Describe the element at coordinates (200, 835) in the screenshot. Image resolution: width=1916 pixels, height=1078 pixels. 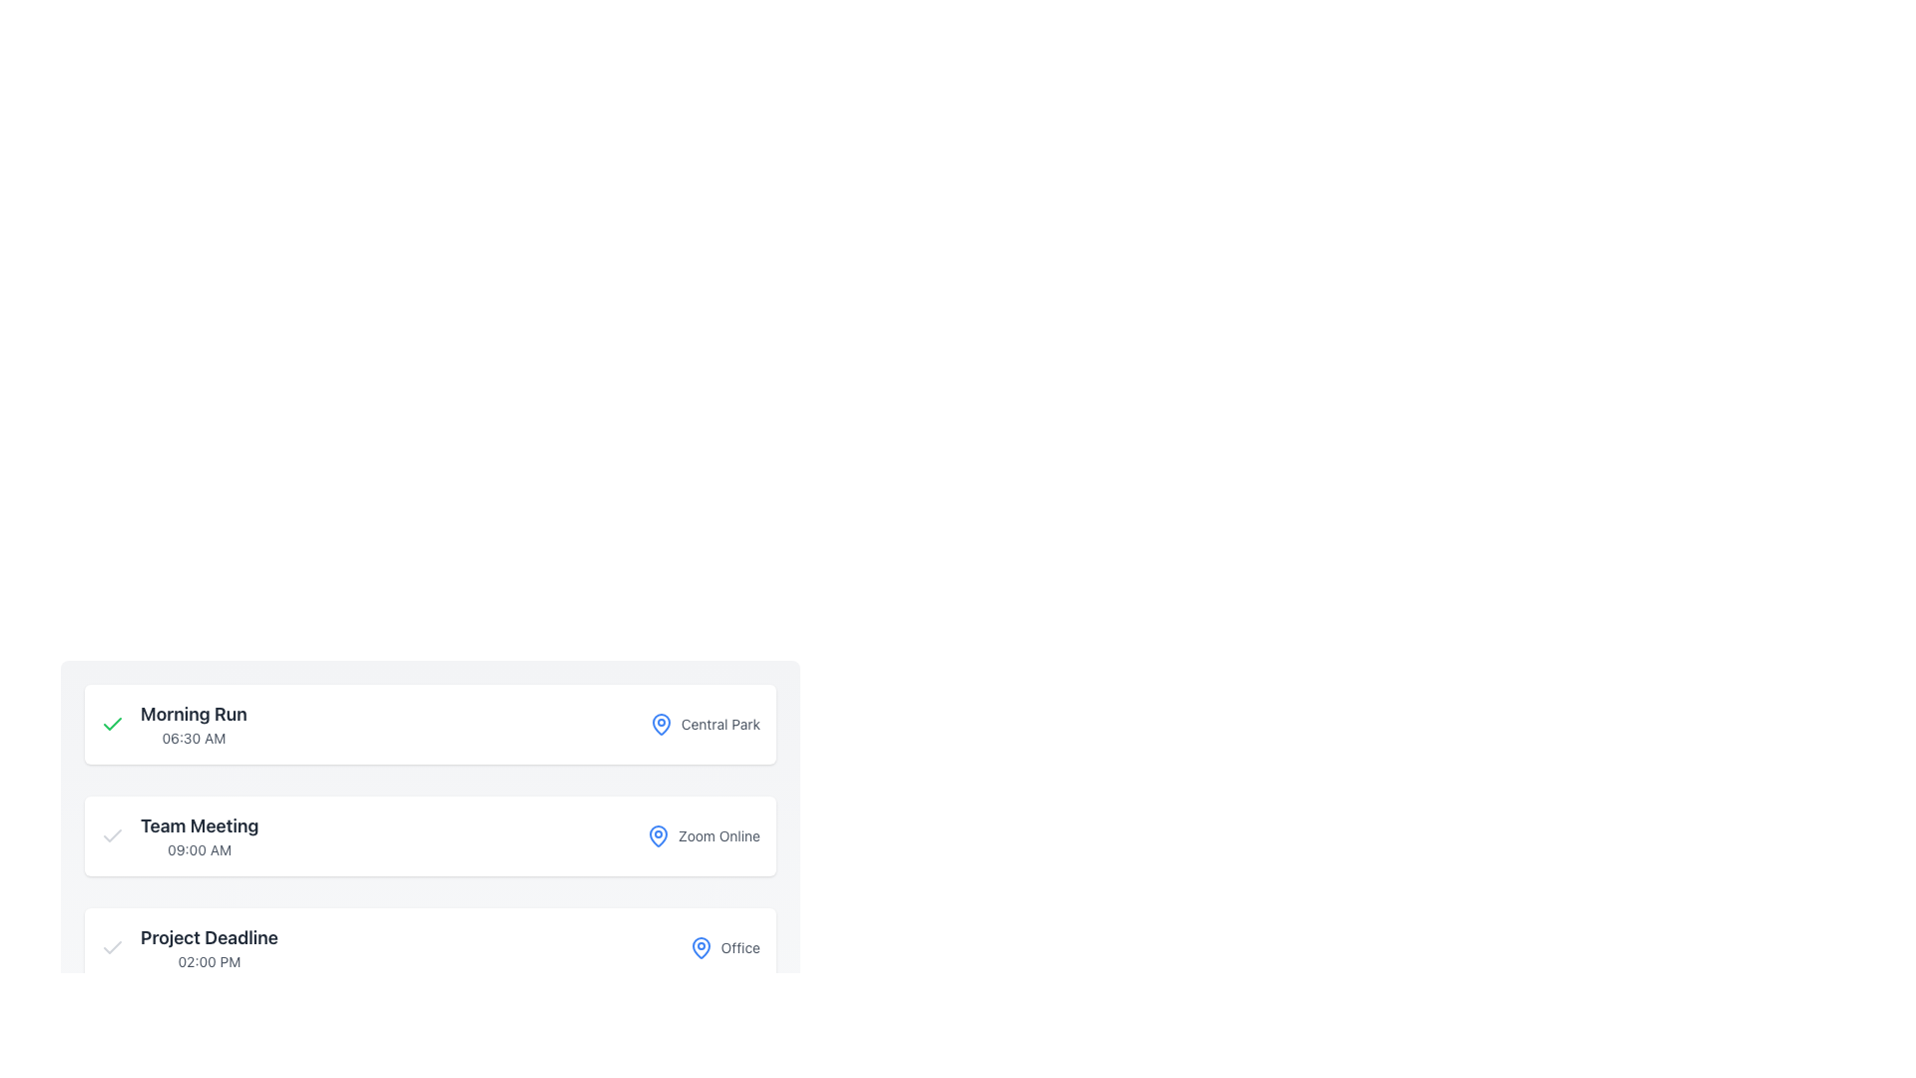
I see `title 'Team Meeting' and the time '09:00 AM' from the Text Display element, which consists of two vertically stacked texts aligned to the left` at that location.